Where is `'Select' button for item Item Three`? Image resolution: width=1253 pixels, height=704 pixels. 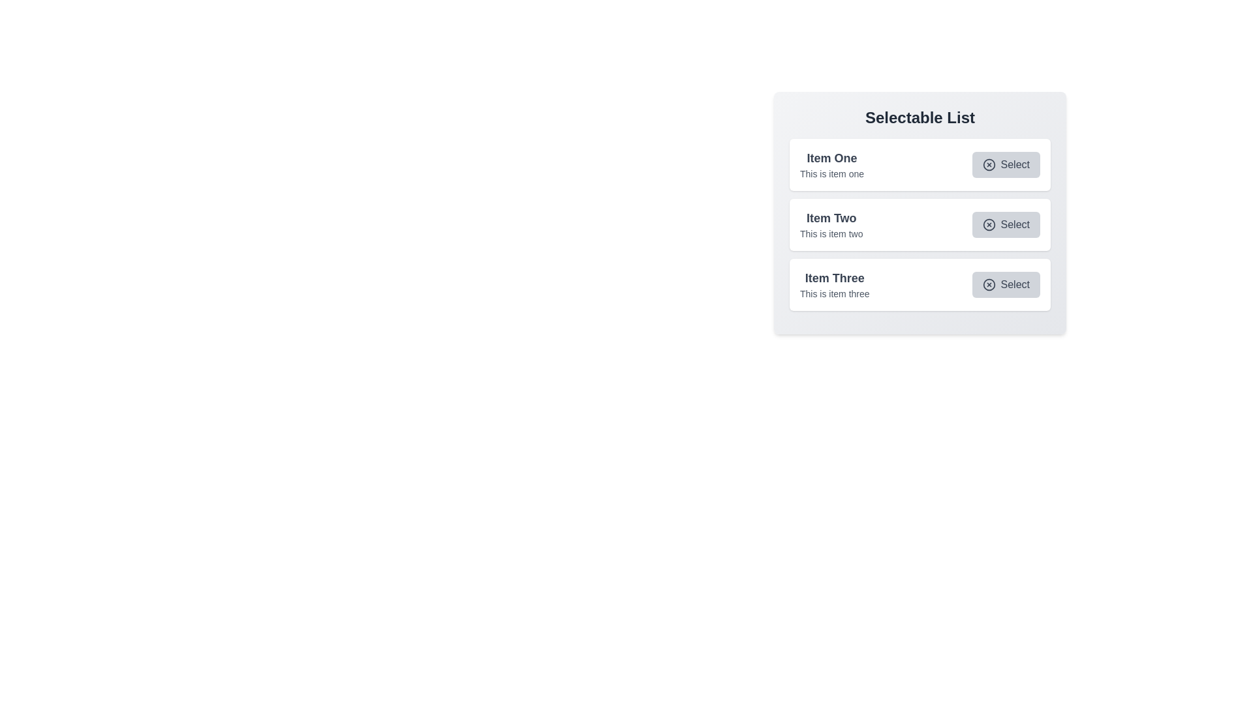
'Select' button for item Item Three is located at coordinates (1005, 284).